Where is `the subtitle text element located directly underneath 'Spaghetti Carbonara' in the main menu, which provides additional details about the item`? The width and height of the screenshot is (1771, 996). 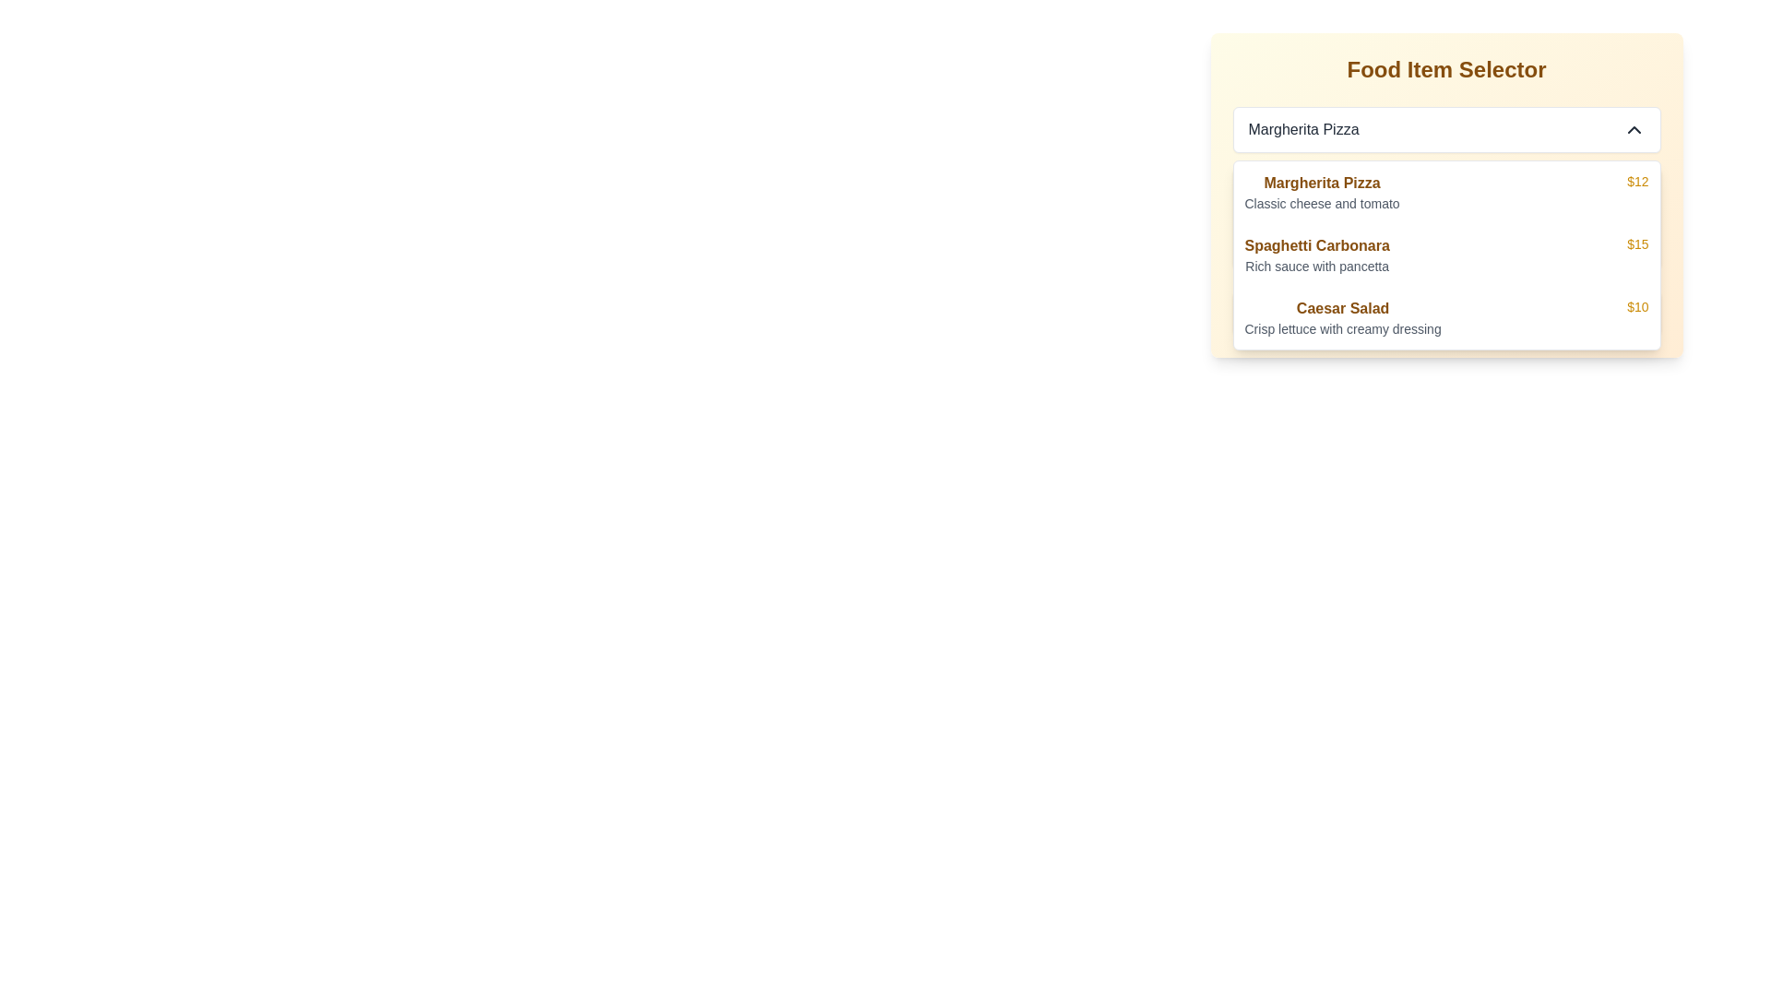 the subtitle text element located directly underneath 'Spaghetti Carbonara' in the main menu, which provides additional details about the item is located at coordinates (1316, 267).